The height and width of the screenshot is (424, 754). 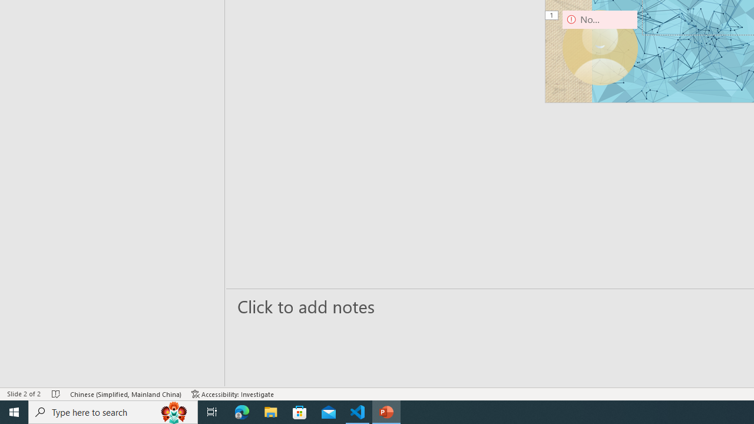 I want to click on 'Camera 9, No camera detected.', so click(x=600, y=47).